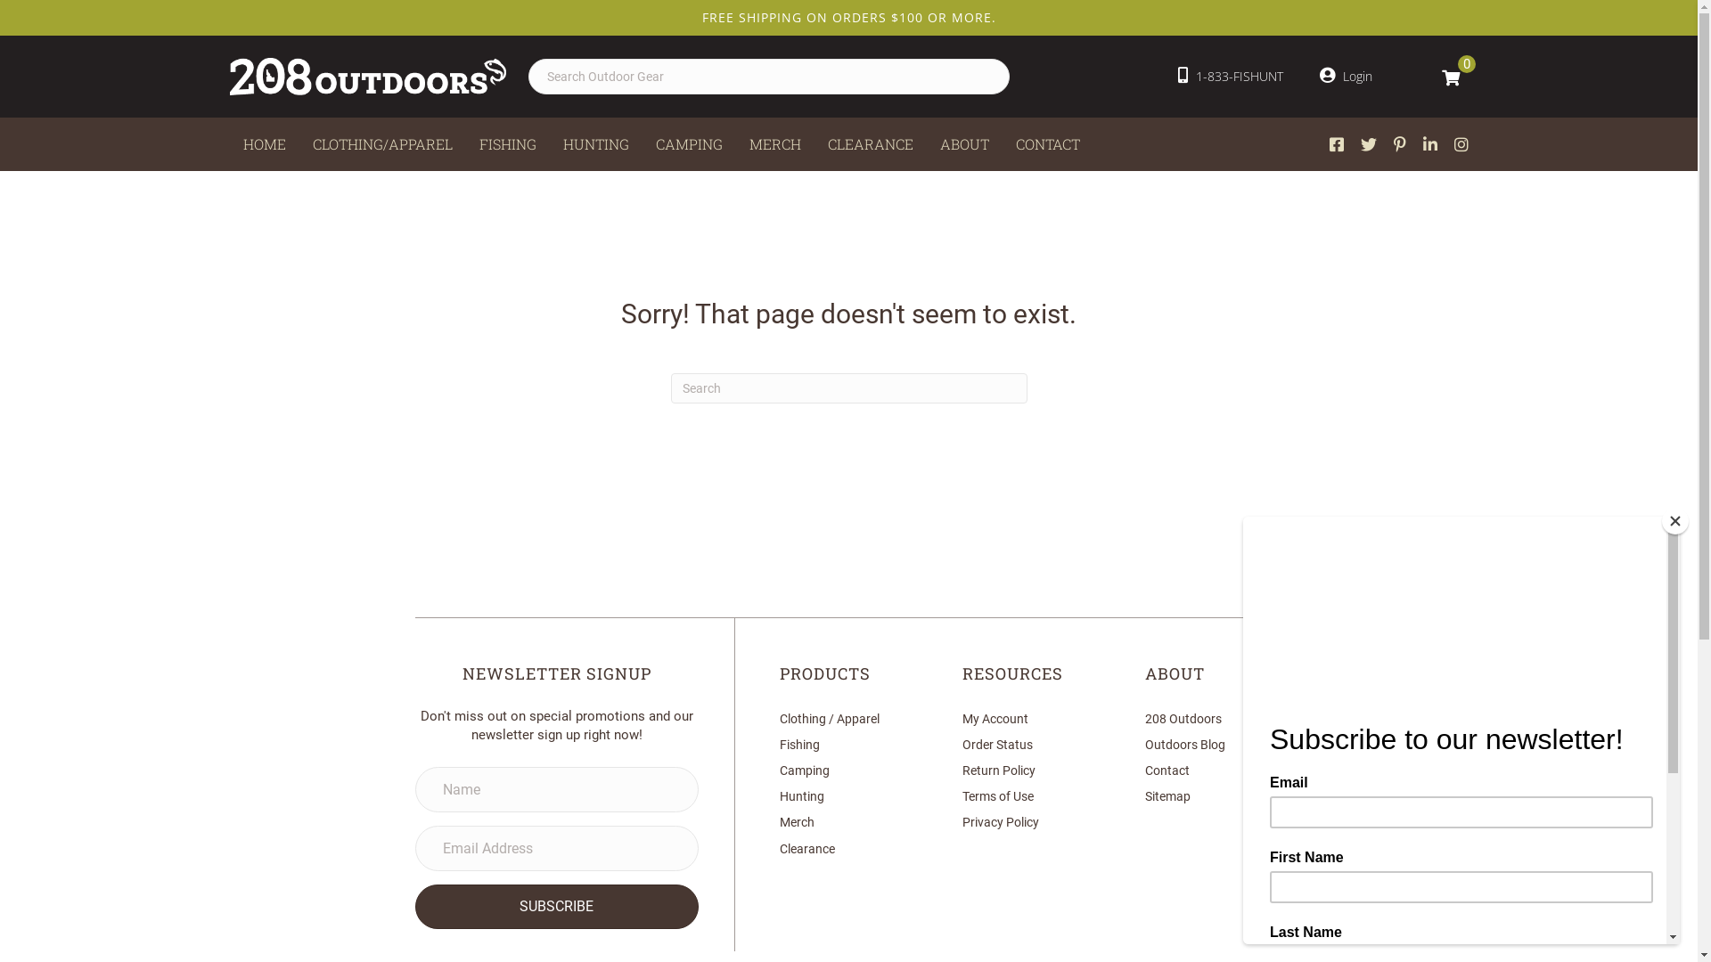  What do you see at coordinates (806, 847) in the screenshot?
I see `'Clearance'` at bounding box center [806, 847].